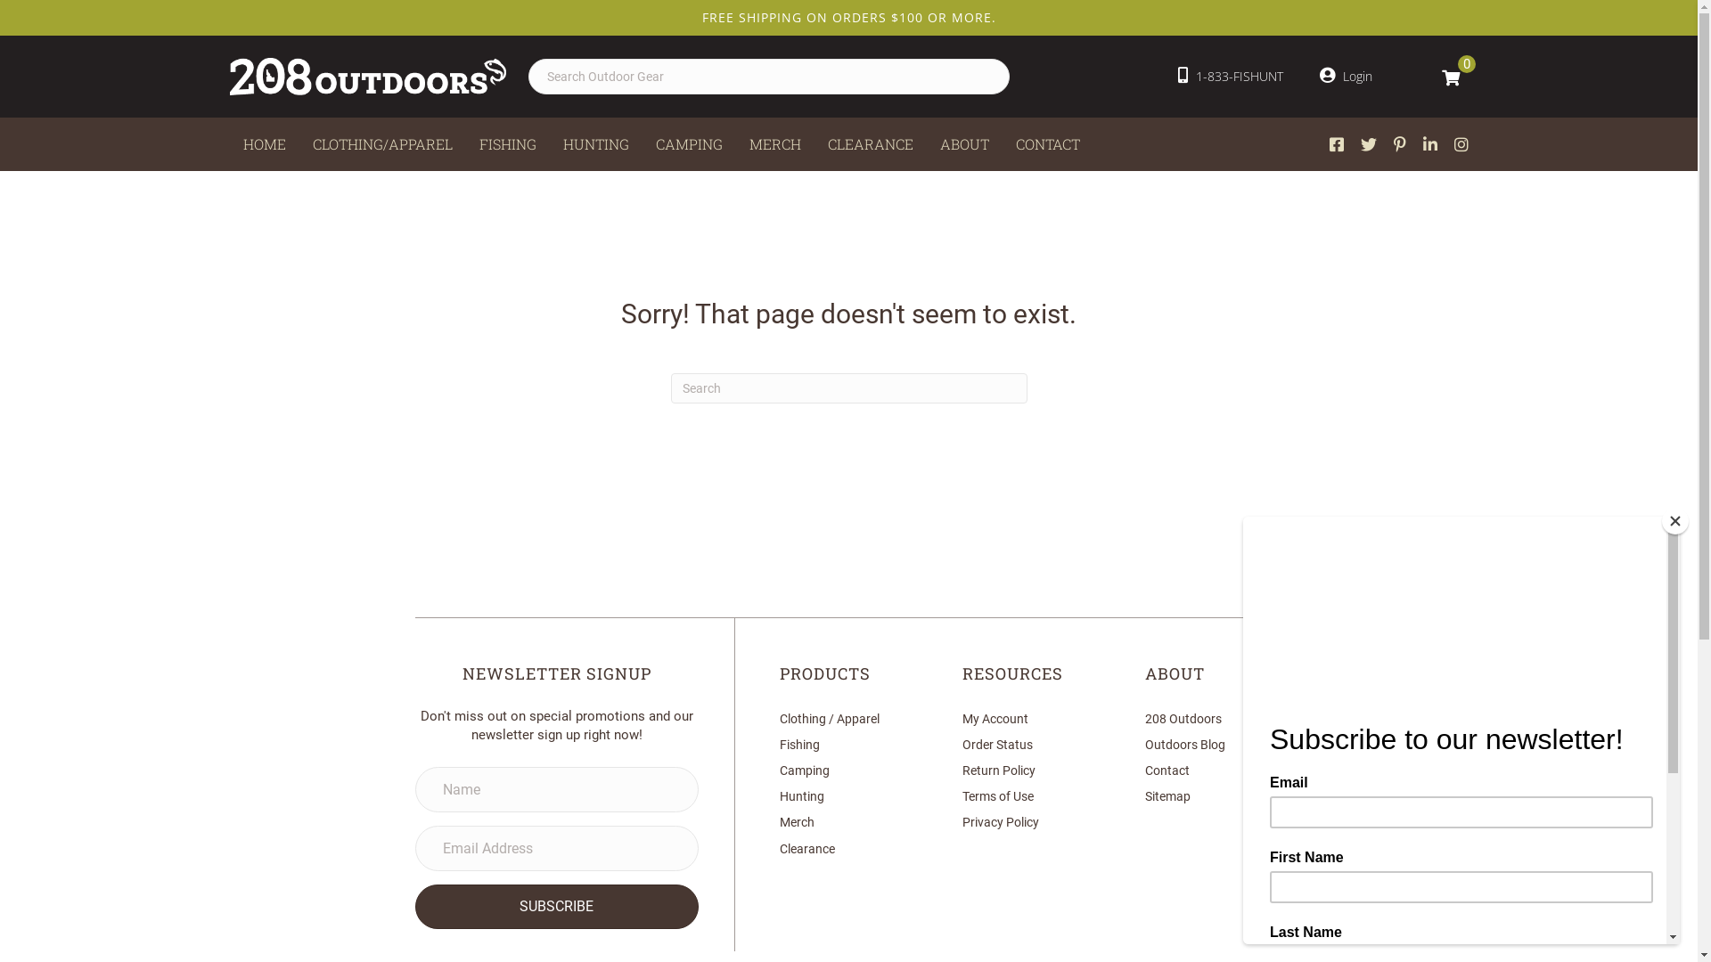  What do you see at coordinates (806, 847) in the screenshot?
I see `'Clearance'` at bounding box center [806, 847].